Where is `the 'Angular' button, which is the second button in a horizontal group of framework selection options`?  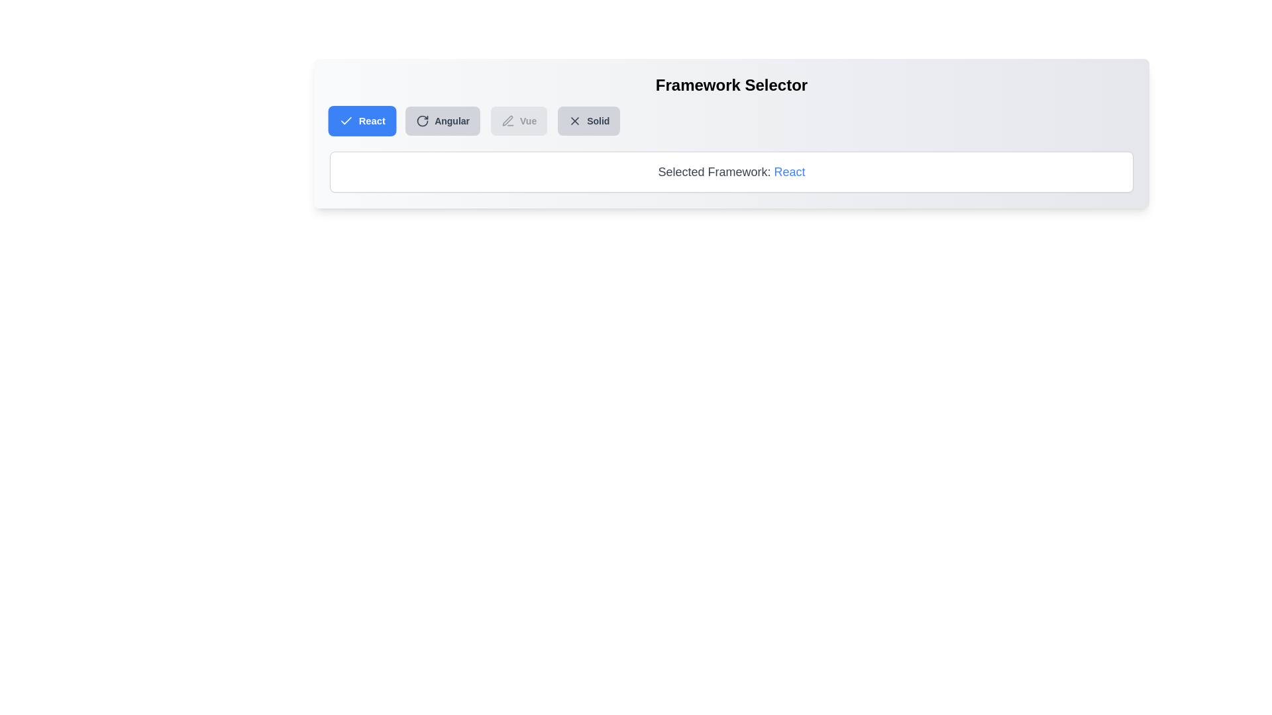 the 'Angular' button, which is the second button in a horizontal group of framework selection options is located at coordinates (443, 120).